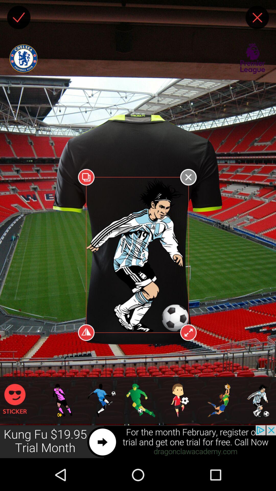  I want to click on the close icon, so click(257, 18).